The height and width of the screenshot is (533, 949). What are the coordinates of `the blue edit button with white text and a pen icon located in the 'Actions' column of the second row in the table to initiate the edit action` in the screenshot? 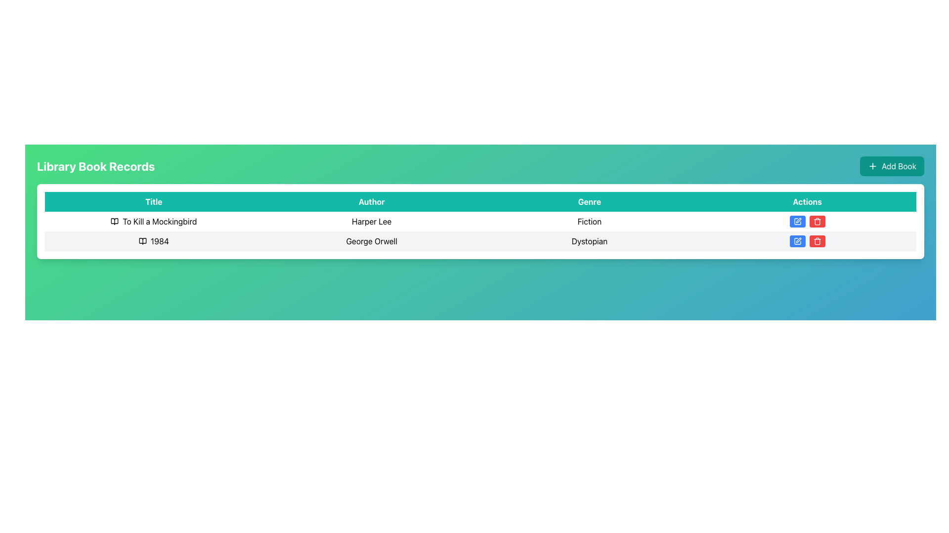 It's located at (797, 221).